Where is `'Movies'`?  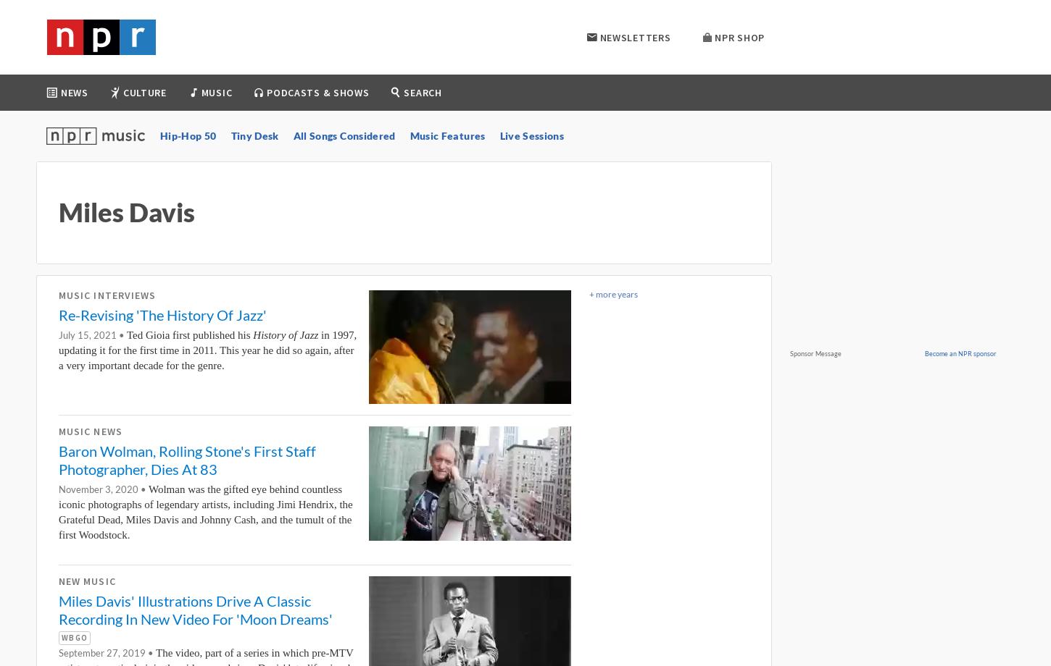
'Movies' is located at coordinates (245, 139).